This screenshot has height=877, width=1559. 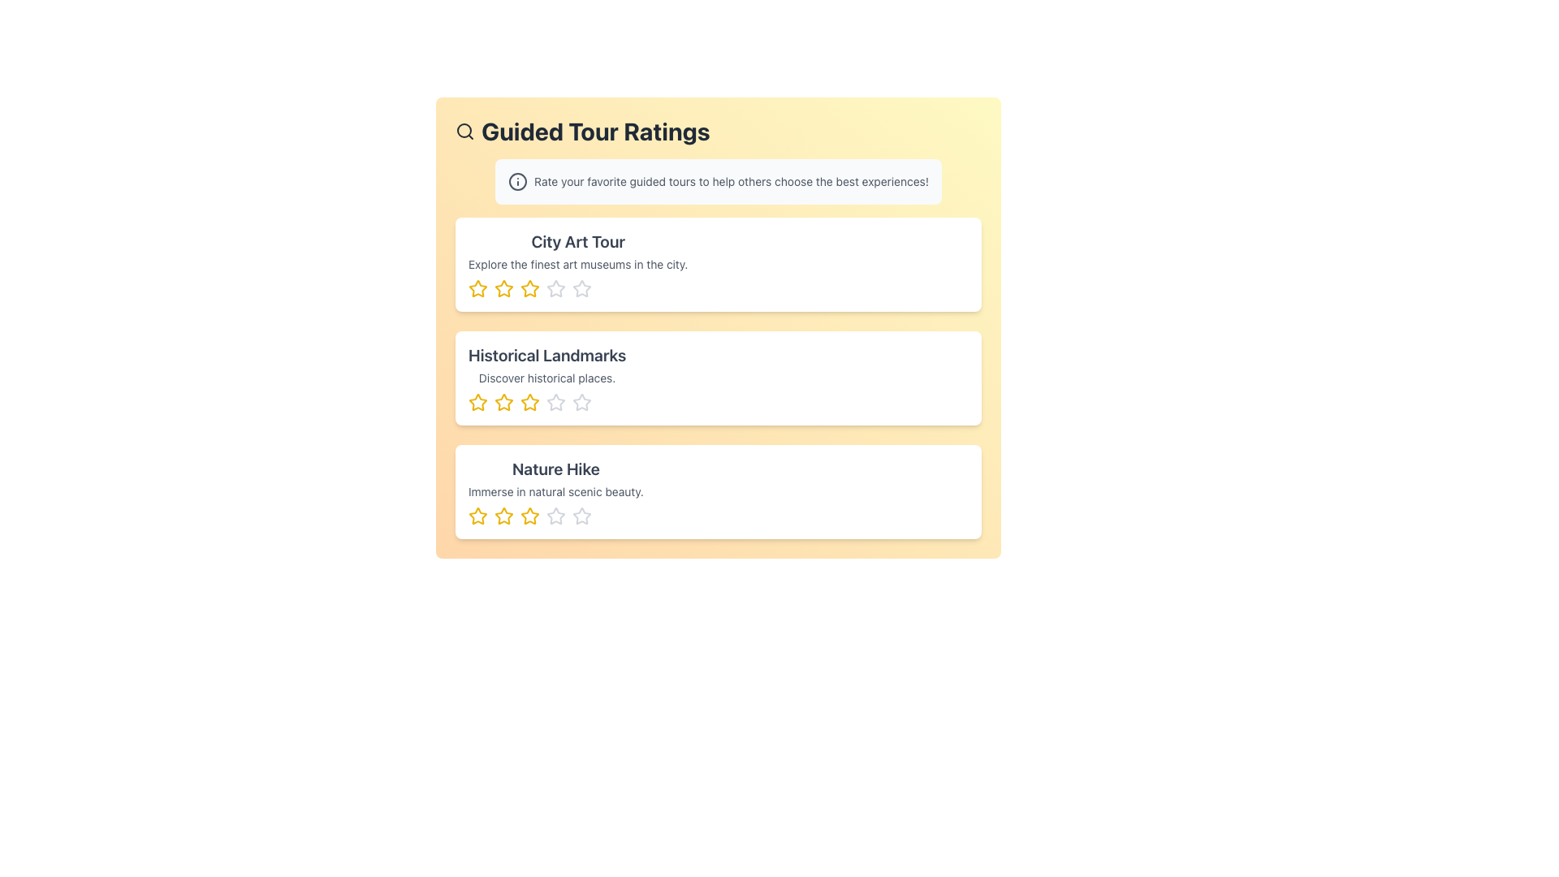 I want to click on the fourth star icon in the rating bar for the 'Nature Hike' section to rate it, so click(x=556, y=516).